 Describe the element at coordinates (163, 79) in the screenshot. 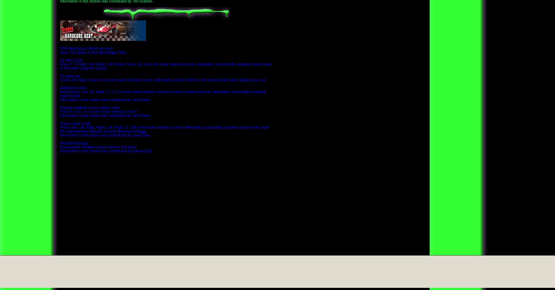

I see `'Press Left, Right, Down, X(4) at the mode selection screen. Alternately, achieve 100% on the level checker when building your car.'` at that location.